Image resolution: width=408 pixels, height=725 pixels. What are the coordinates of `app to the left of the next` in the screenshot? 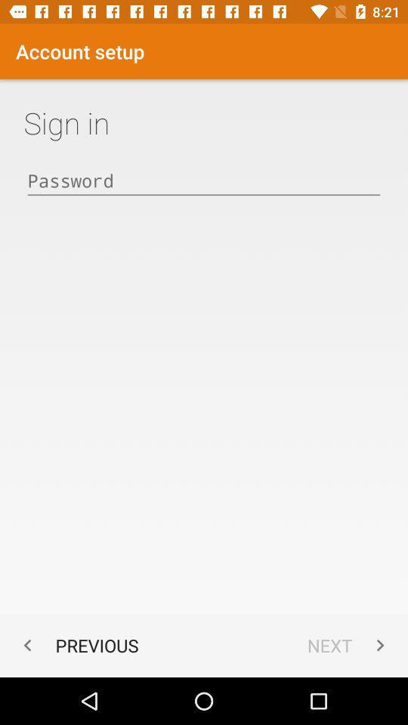 It's located at (77, 644).